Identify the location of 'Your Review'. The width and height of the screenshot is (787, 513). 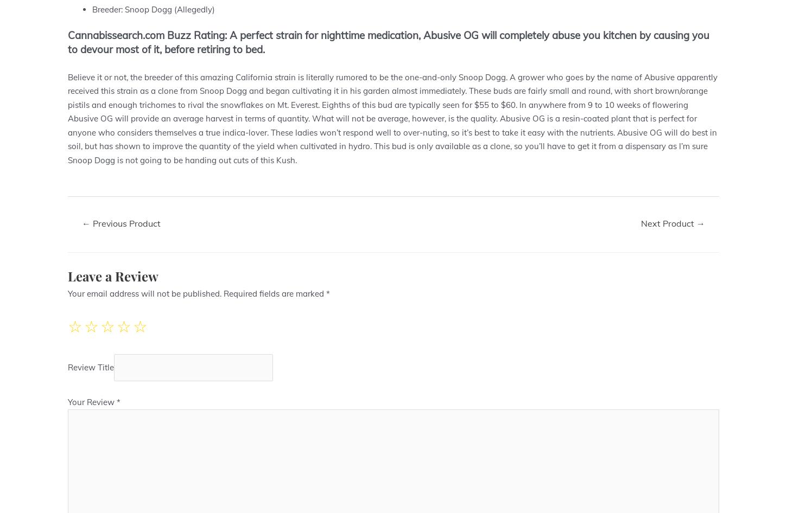
(91, 401).